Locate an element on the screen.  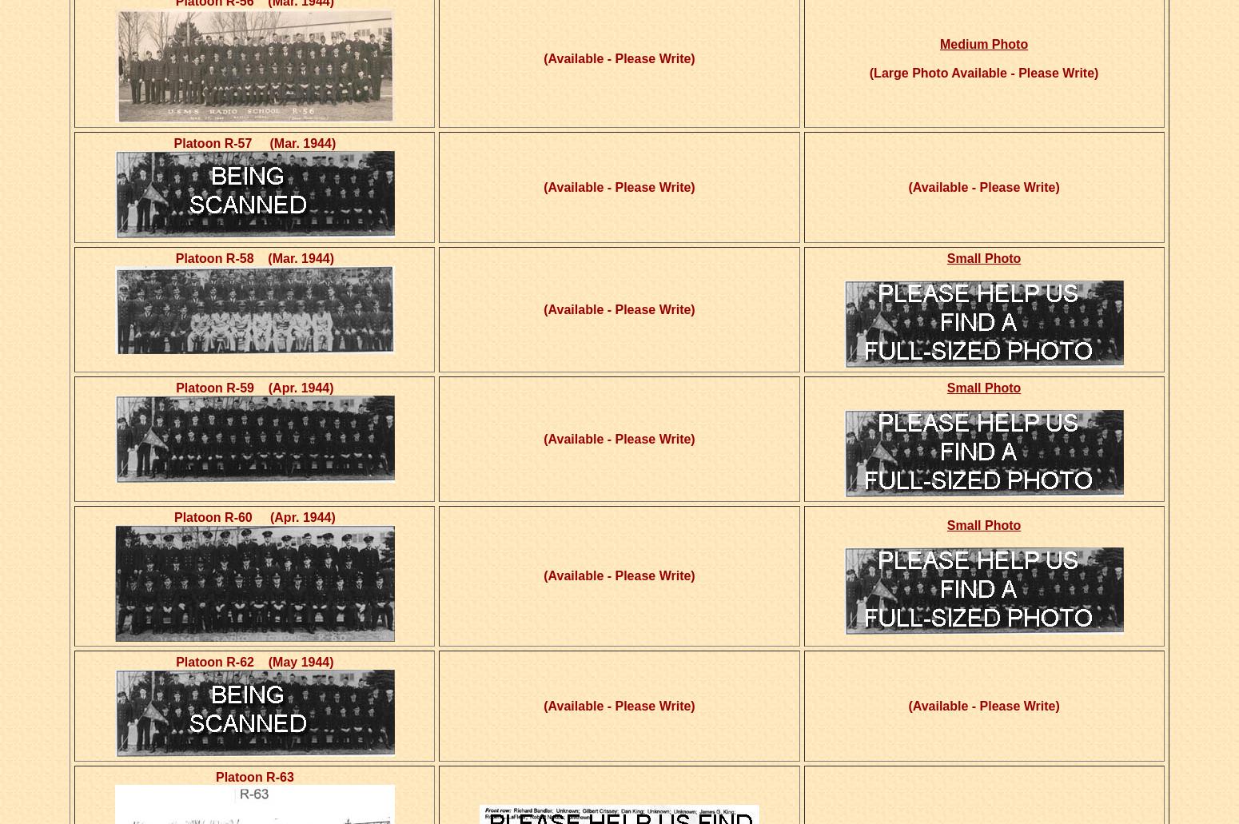
'Platoon R-63' is located at coordinates (253, 776).